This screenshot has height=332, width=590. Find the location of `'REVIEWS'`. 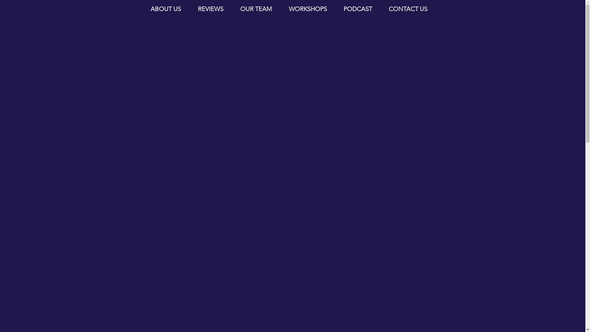

'REVIEWS' is located at coordinates (210, 9).